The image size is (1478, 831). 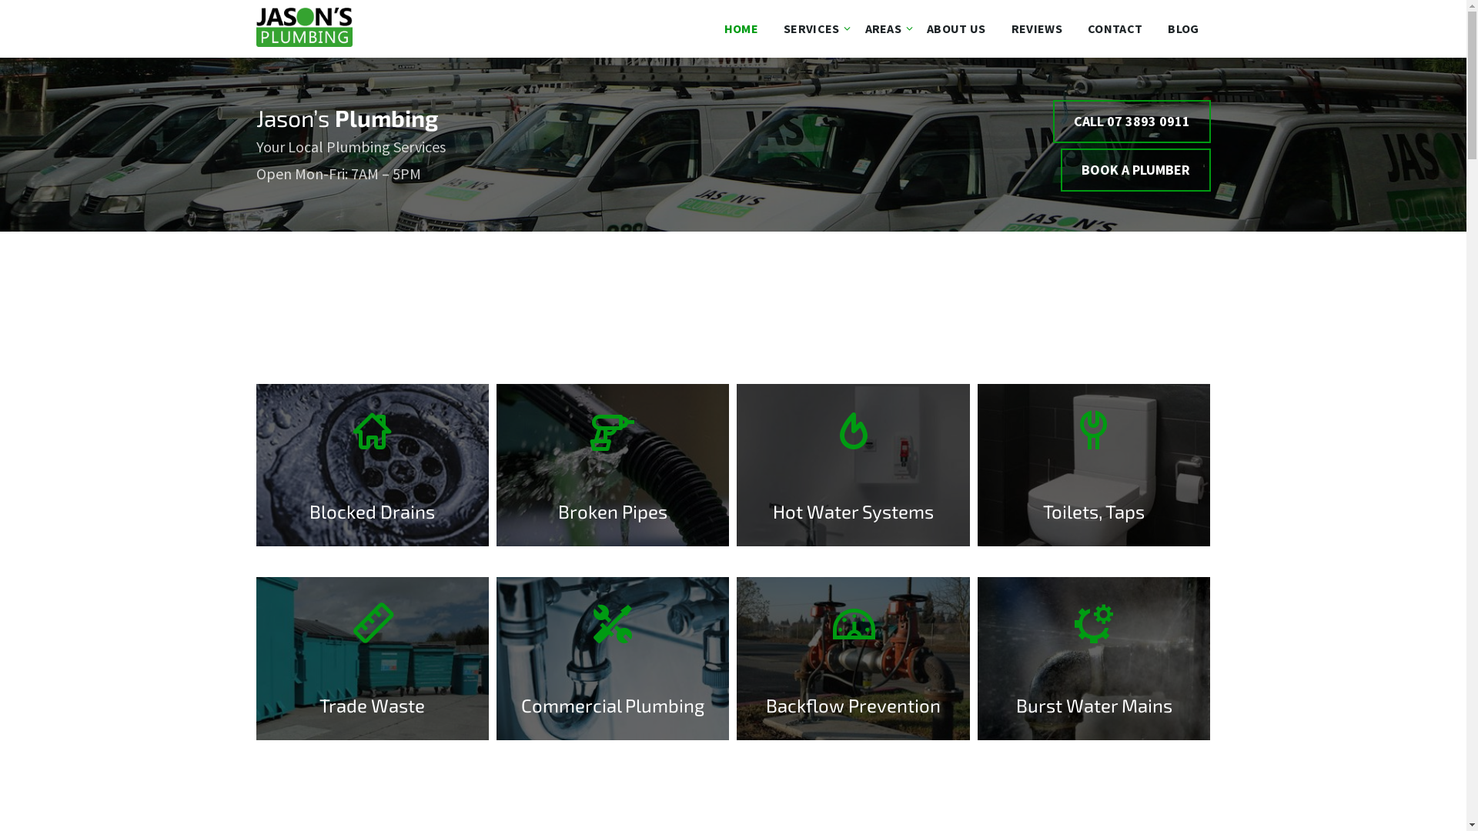 What do you see at coordinates (915, 28) in the screenshot?
I see `'ABOUT US'` at bounding box center [915, 28].